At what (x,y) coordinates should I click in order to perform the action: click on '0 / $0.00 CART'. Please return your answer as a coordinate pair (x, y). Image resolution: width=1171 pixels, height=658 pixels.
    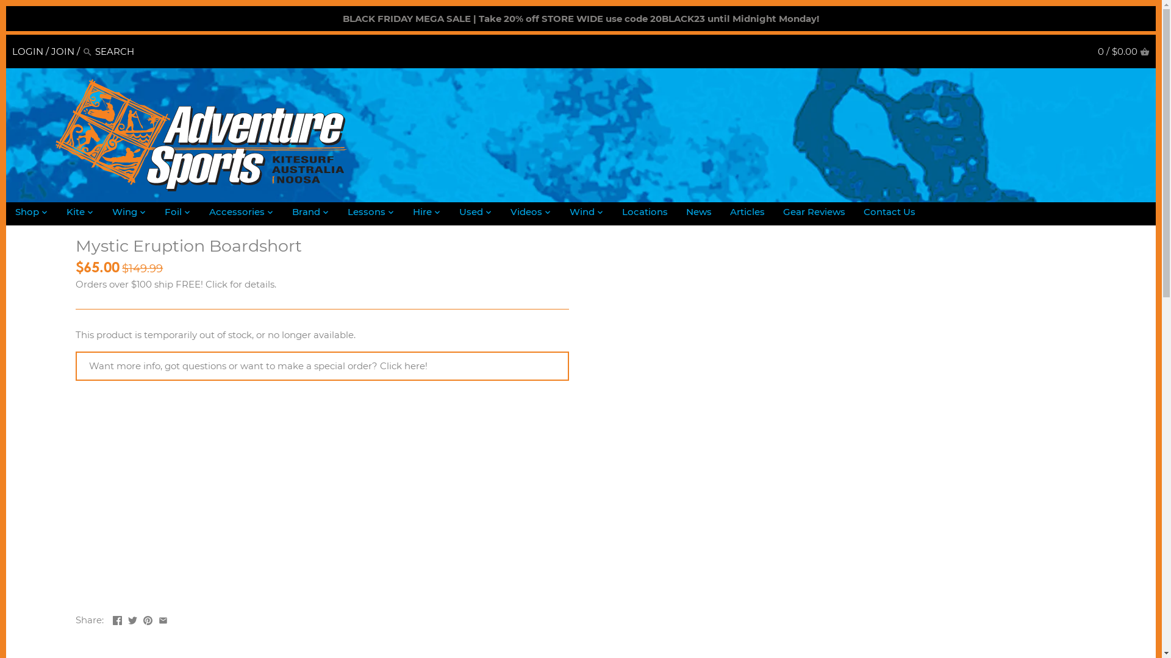
    Looking at the image, I should click on (1123, 50).